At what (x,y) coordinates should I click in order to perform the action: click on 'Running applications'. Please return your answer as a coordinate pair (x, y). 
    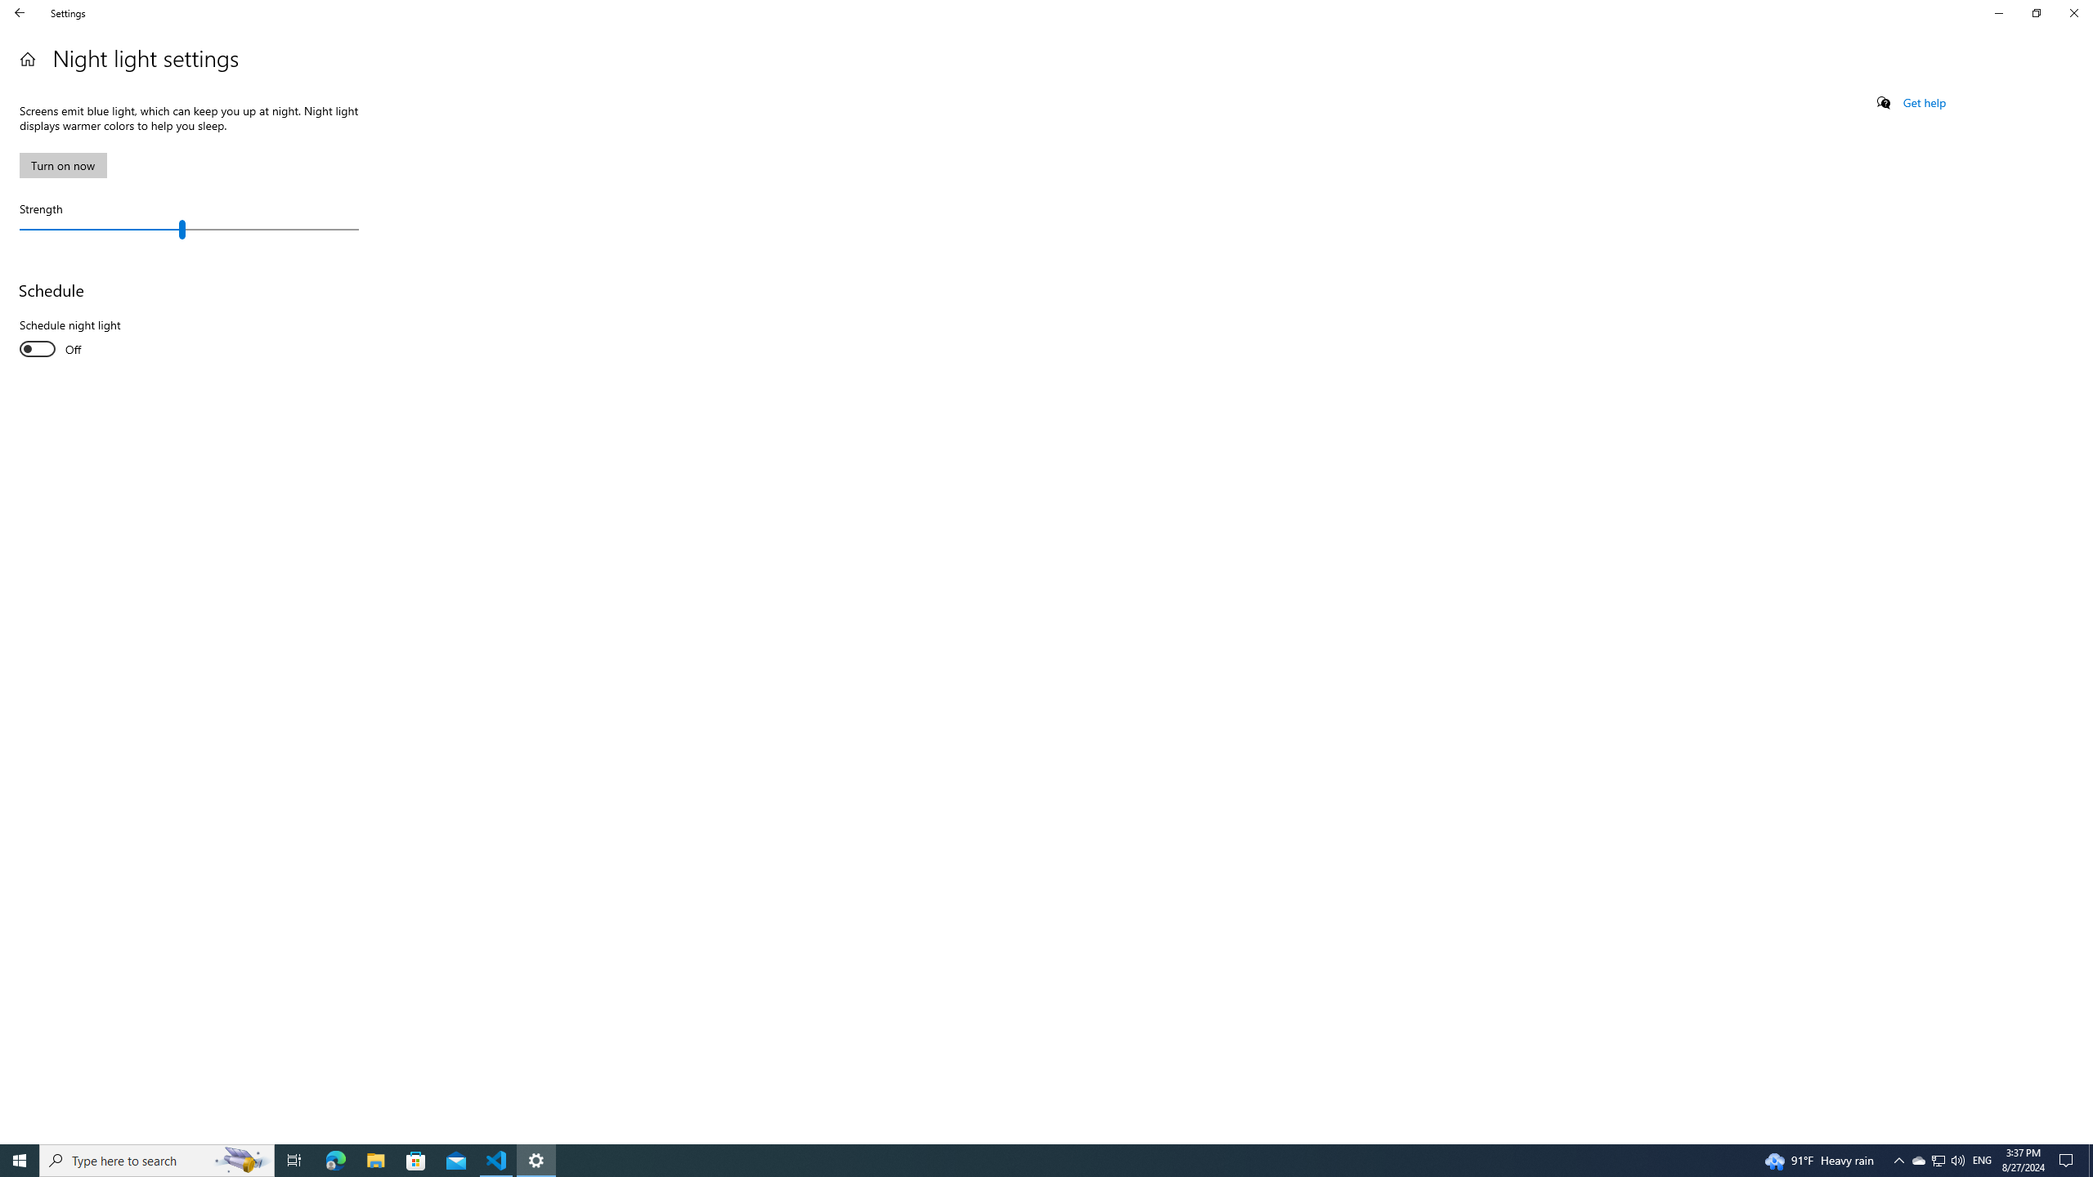
    Looking at the image, I should click on (1015, 1159).